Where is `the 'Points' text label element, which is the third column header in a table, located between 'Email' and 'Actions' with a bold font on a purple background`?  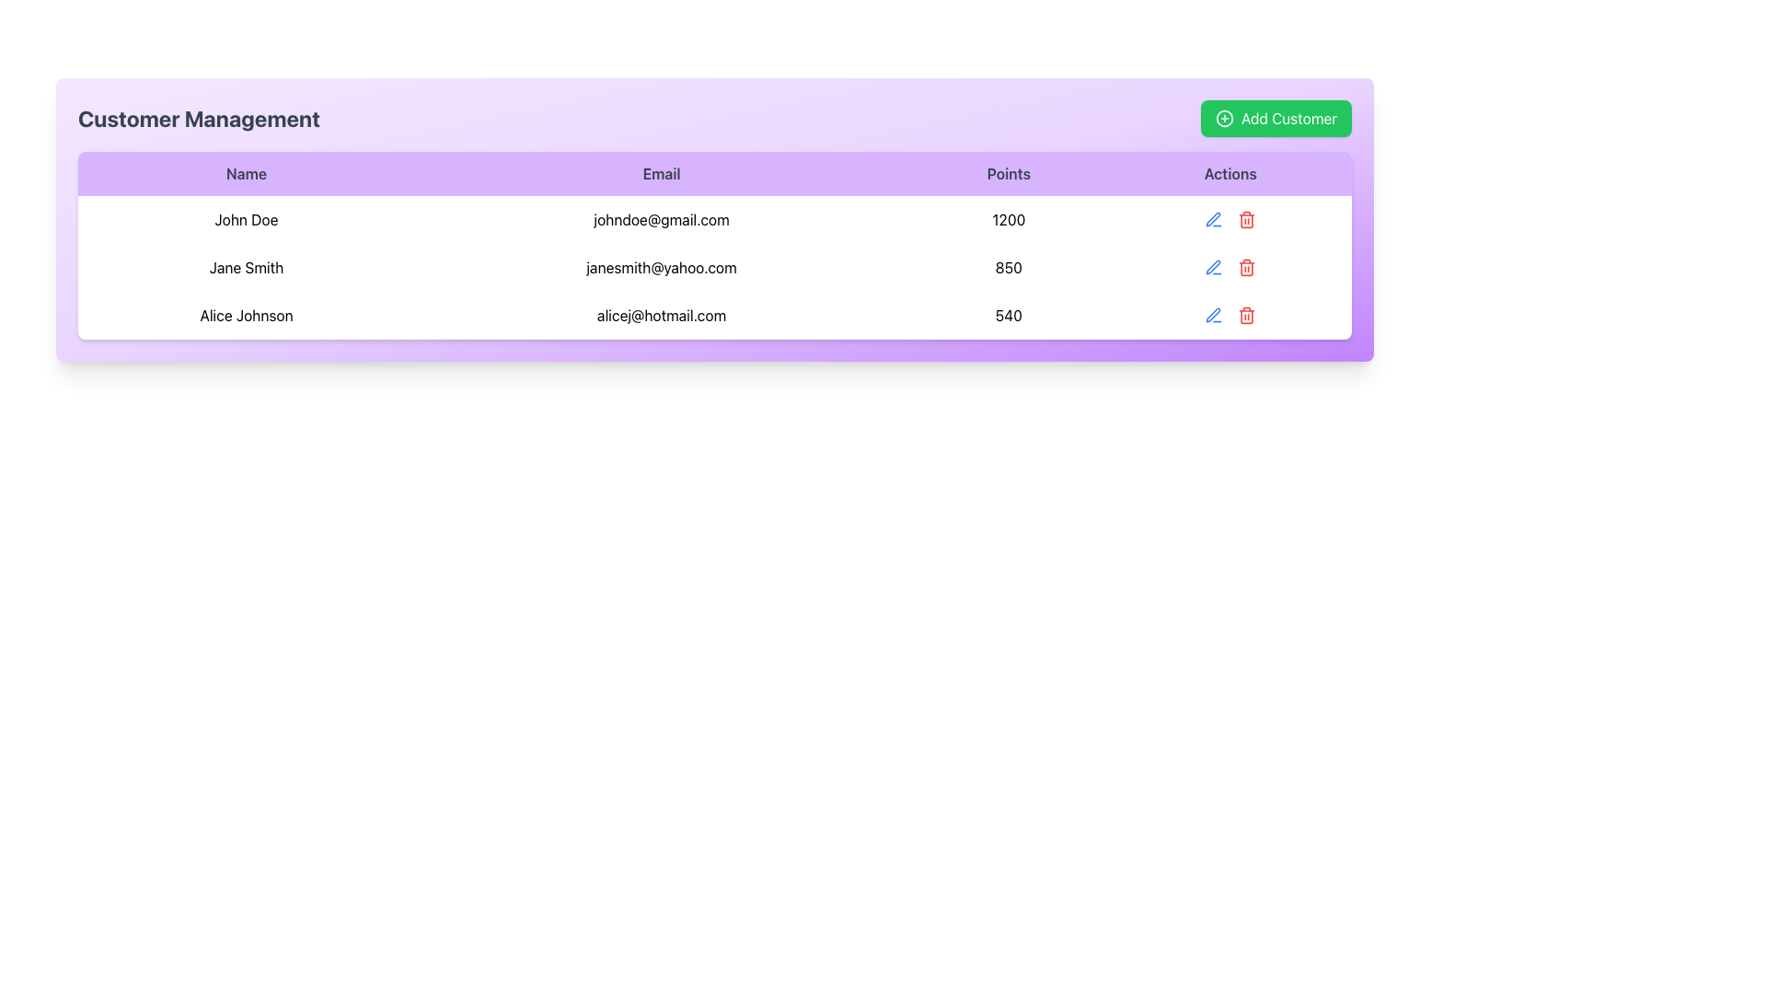
the 'Points' text label element, which is the third column header in a table, located between 'Email' and 'Actions' with a bold font on a purple background is located at coordinates (1008, 174).